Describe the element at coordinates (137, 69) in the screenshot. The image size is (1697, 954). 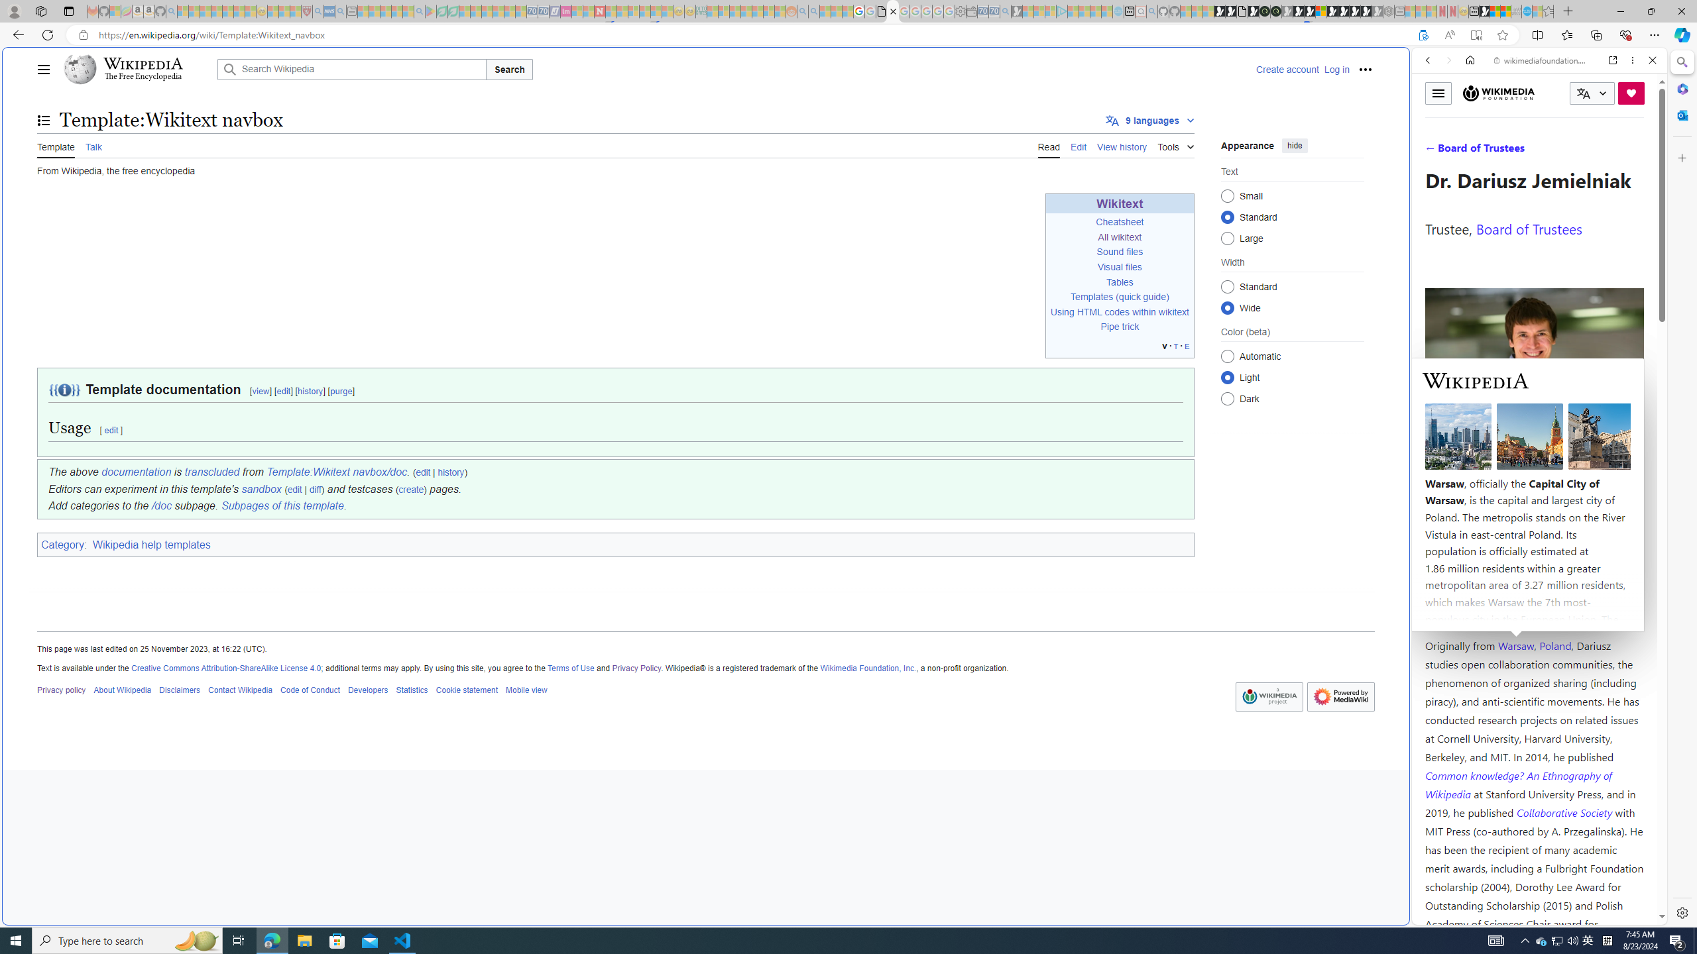
I see `'Wikipedia The Free Encyclopedia'` at that location.